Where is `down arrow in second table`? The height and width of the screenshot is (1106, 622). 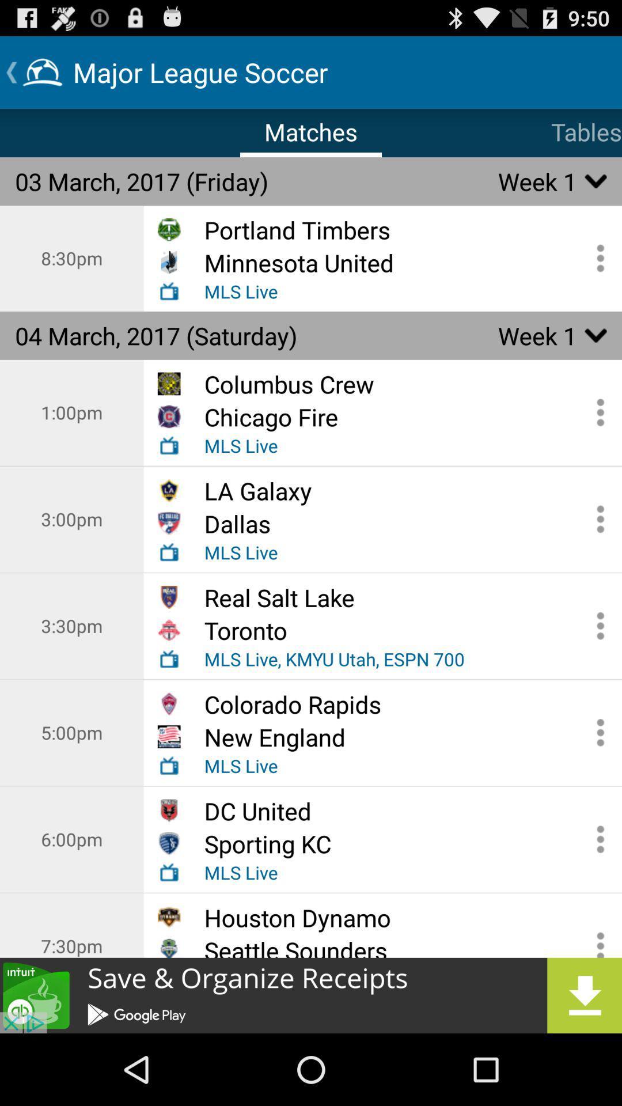
down arrow in second table is located at coordinates (596, 335).